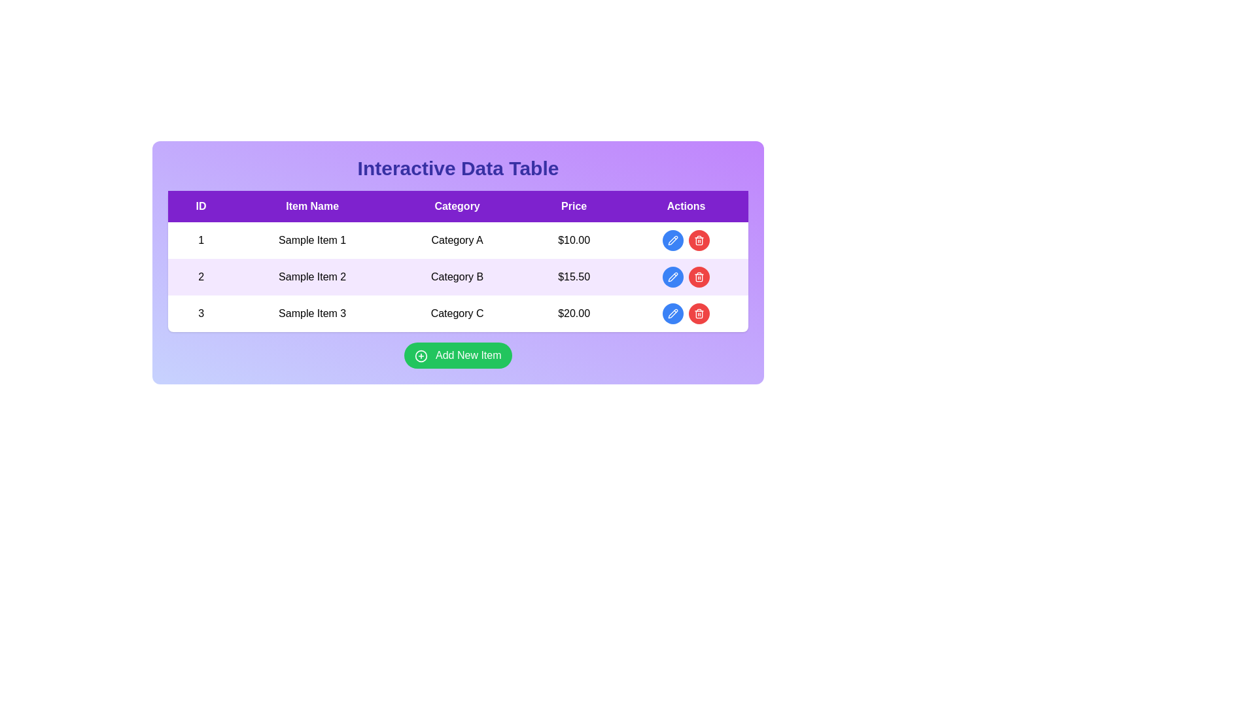 This screenshot has width=1256, height=706. Describe the element at coordinates (200, 313) in the screenshot. I see `the value from the label that identifies the current row` at that location.